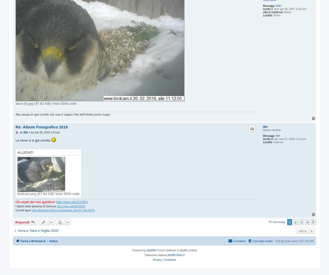 The height and width of the screenshot is (275, 329). What do you see at coordinates (286, 241) in the screenshot?
I see `'Tutti gli orari sono'` at bounding box center [286, 241].